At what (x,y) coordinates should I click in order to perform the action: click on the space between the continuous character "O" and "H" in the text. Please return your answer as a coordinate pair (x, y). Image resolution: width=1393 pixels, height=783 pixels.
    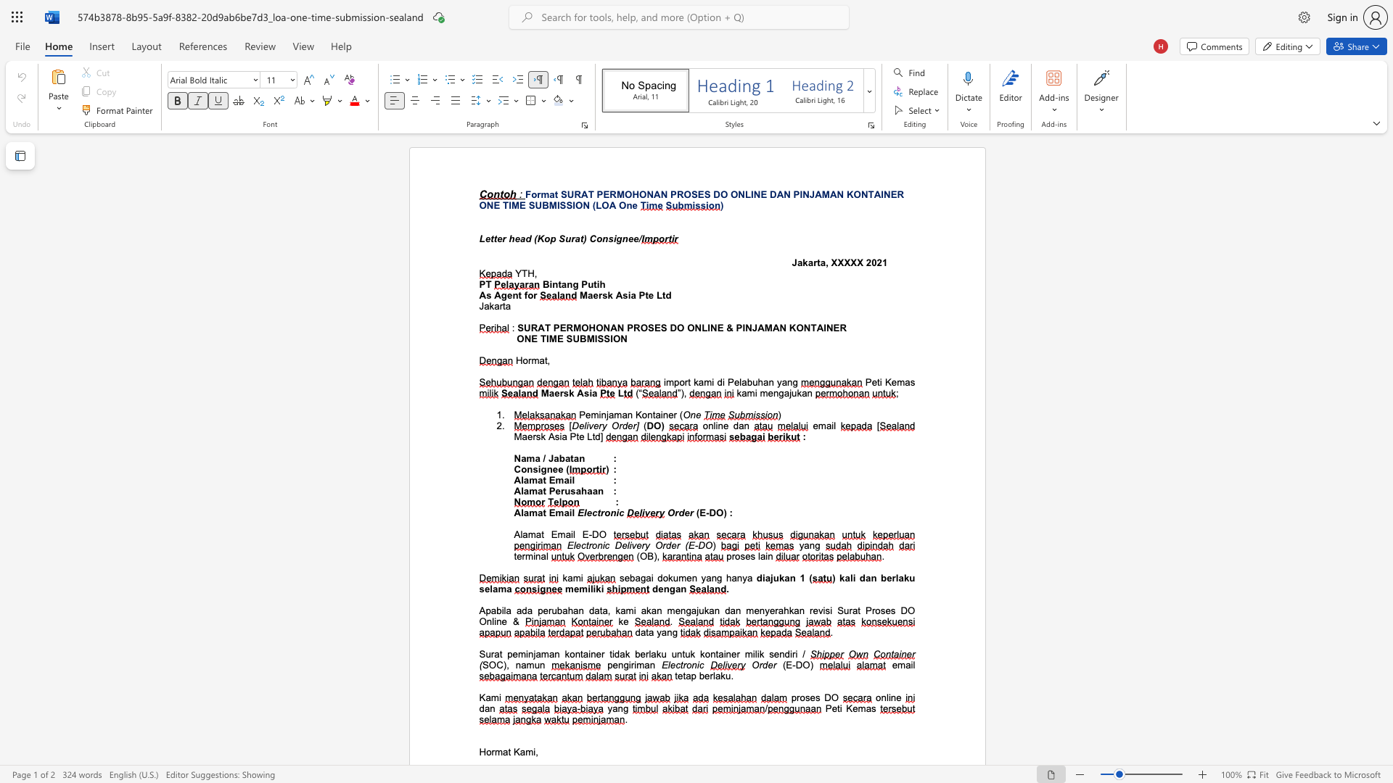
    Looking at the image, I should click on (632, 194).